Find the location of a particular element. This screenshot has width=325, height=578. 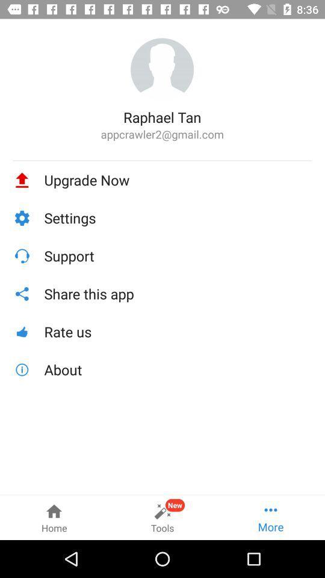

the item below the raphael tan is located at coordinates (162, 134).